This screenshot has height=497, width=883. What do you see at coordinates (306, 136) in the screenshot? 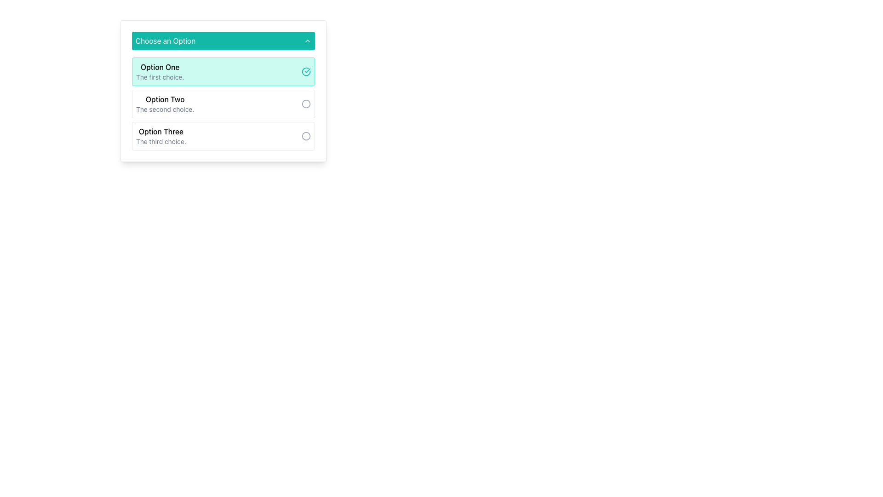
I see `the visual feedback of the interactive indicator that resembles a radio button, specifically associated with 'Option Two'` at bounding box center [306, 136].